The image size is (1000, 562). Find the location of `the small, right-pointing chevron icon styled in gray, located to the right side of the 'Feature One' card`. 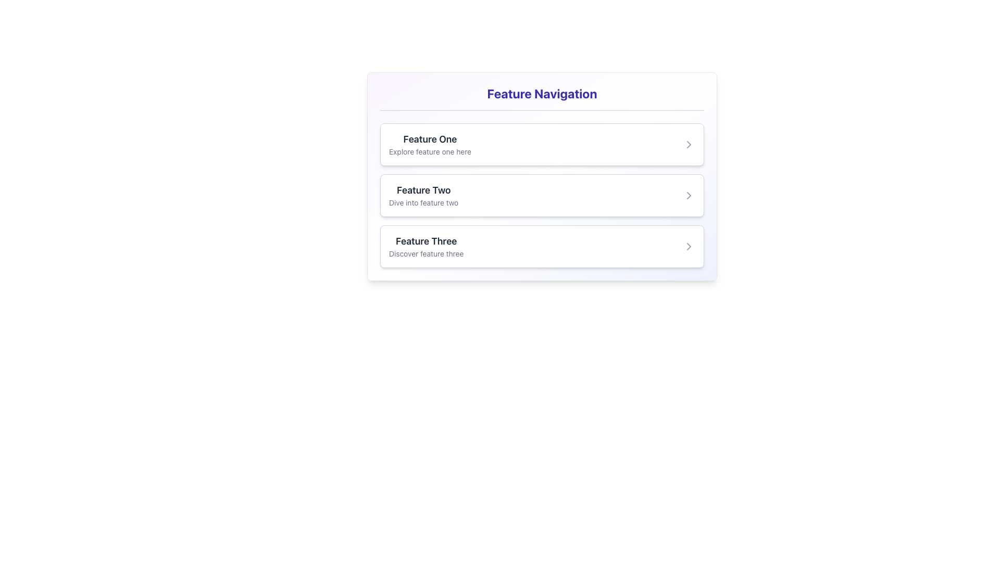

the small, right-pointing chevron icon styled in gray, located to the right side of the 'Feature One' card is located at coordinates (689, 144).